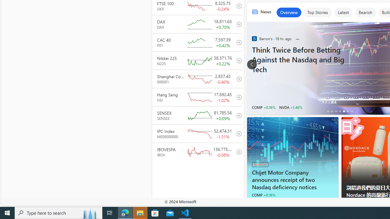 The width and height of the screenshot is (390, 219). I want to click on 'Top Stories', so click(317, 12).